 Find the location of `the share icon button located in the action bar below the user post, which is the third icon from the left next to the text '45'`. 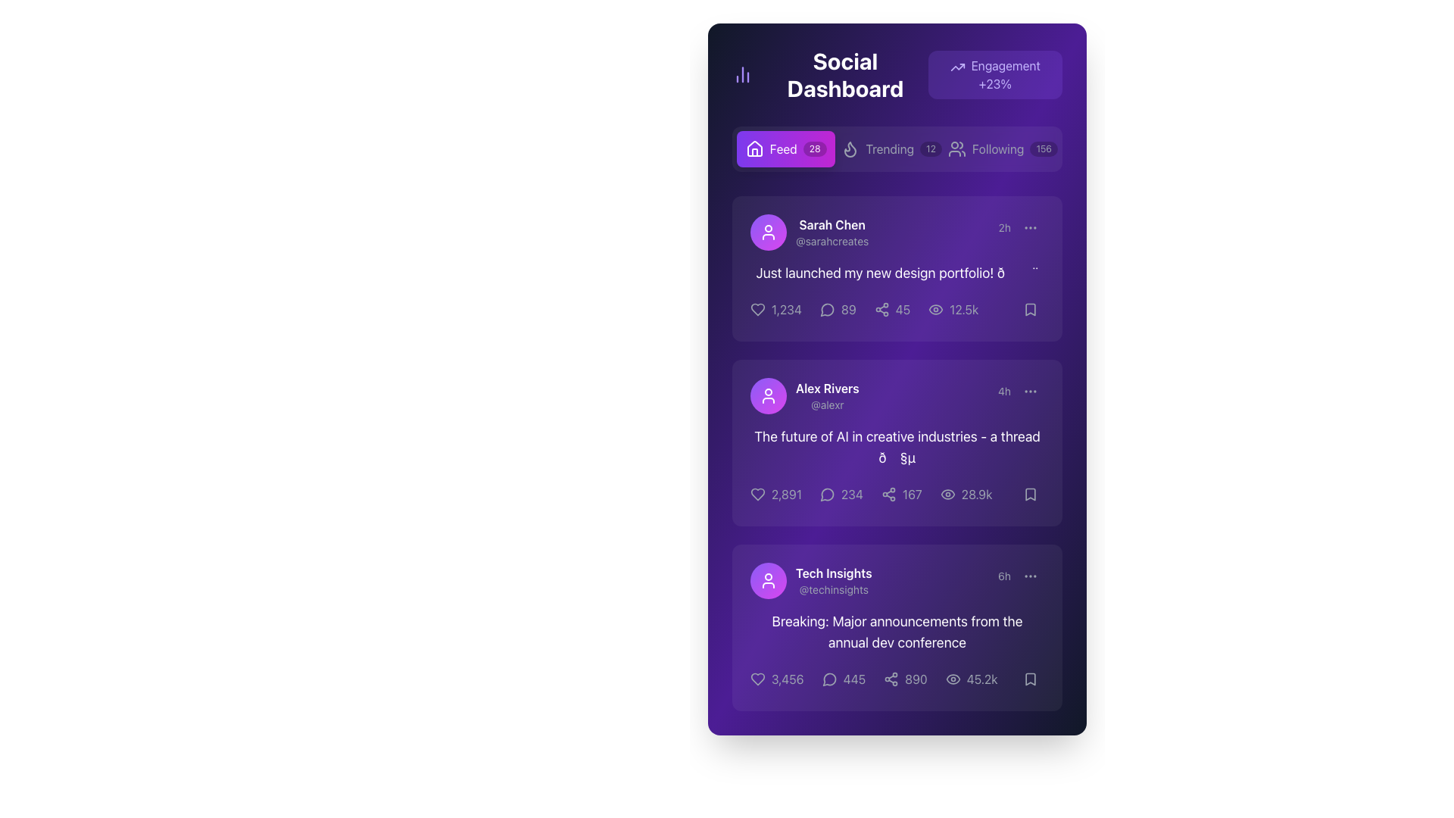

the share icon button located in the action bar below the user post, which is the third icon from the left next to the text '45' is located at coordinates (881, 308).